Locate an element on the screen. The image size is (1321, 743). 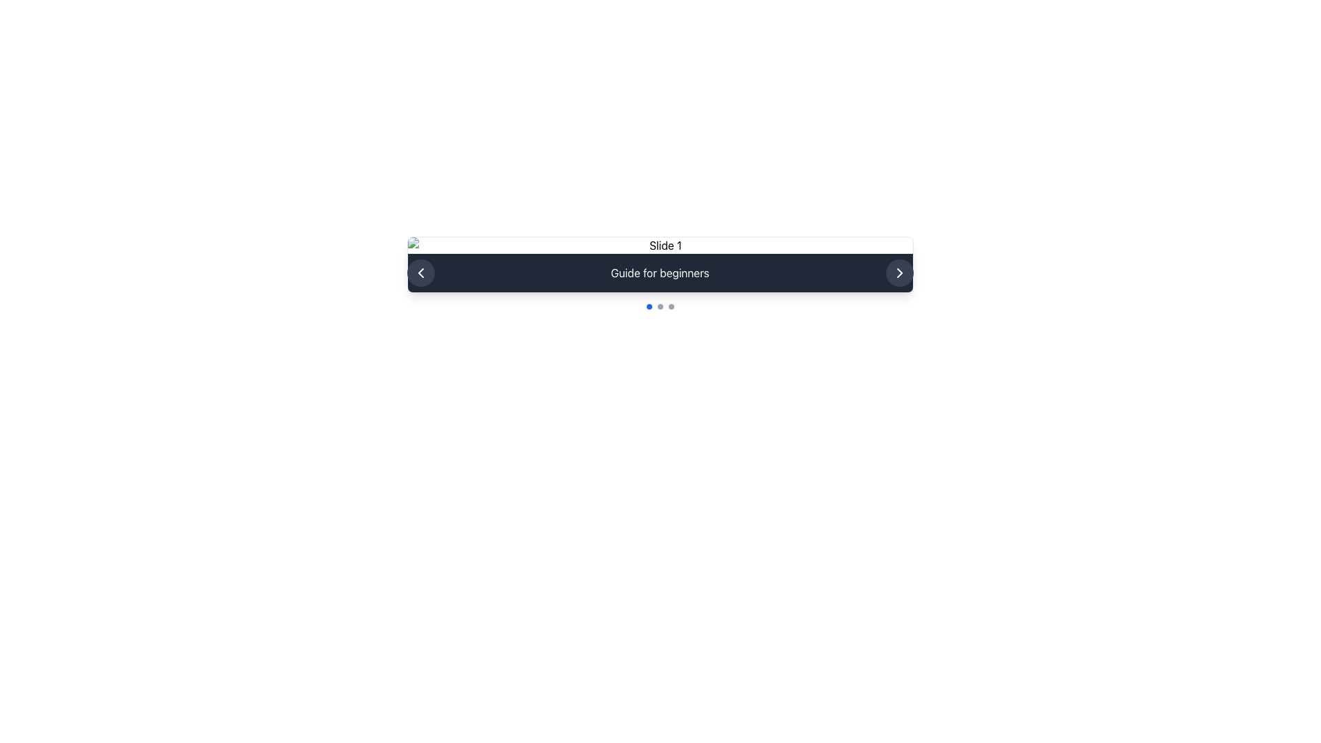
the right-facing chevron icon located inside the circular button at the right edge of the navigation bar is located at coordinates (899, 273).